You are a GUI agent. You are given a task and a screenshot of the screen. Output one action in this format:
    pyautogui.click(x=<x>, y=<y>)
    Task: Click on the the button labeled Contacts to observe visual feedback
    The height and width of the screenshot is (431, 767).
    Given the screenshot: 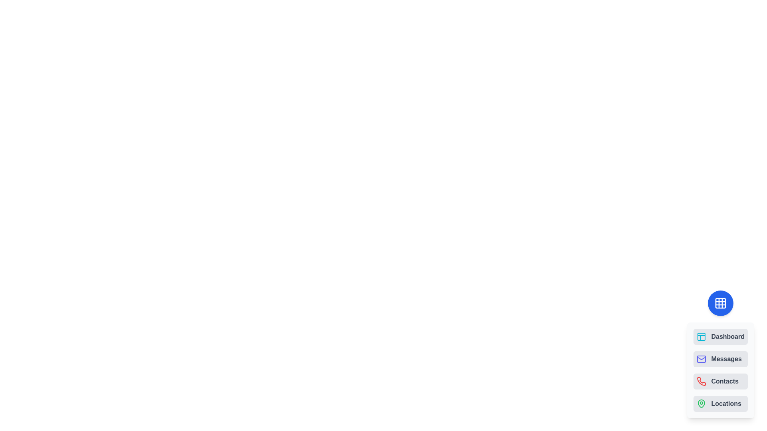 What is the action you would take?
    pyautogui.click(x=721, y=381)
    